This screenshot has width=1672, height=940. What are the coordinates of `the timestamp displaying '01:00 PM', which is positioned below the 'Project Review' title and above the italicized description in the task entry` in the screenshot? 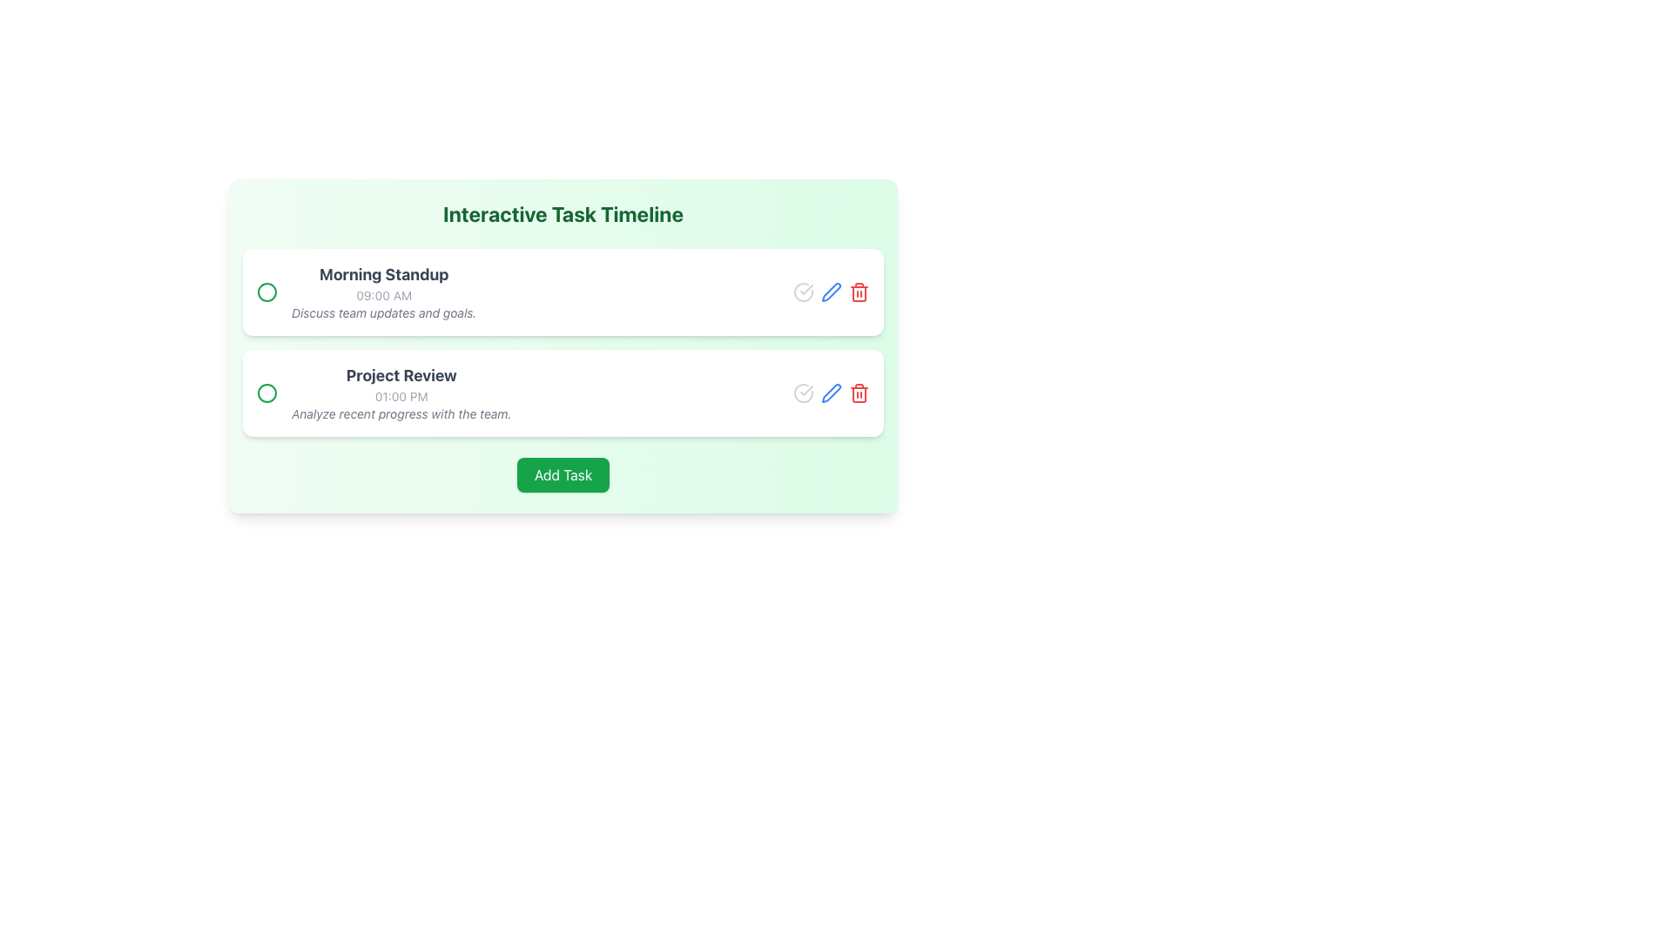 It's located at (401, 396).